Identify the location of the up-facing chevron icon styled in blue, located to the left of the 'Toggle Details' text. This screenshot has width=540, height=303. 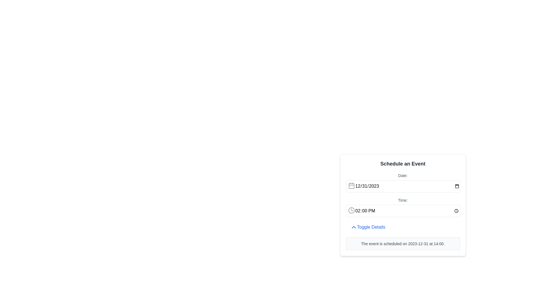
(353, 227).